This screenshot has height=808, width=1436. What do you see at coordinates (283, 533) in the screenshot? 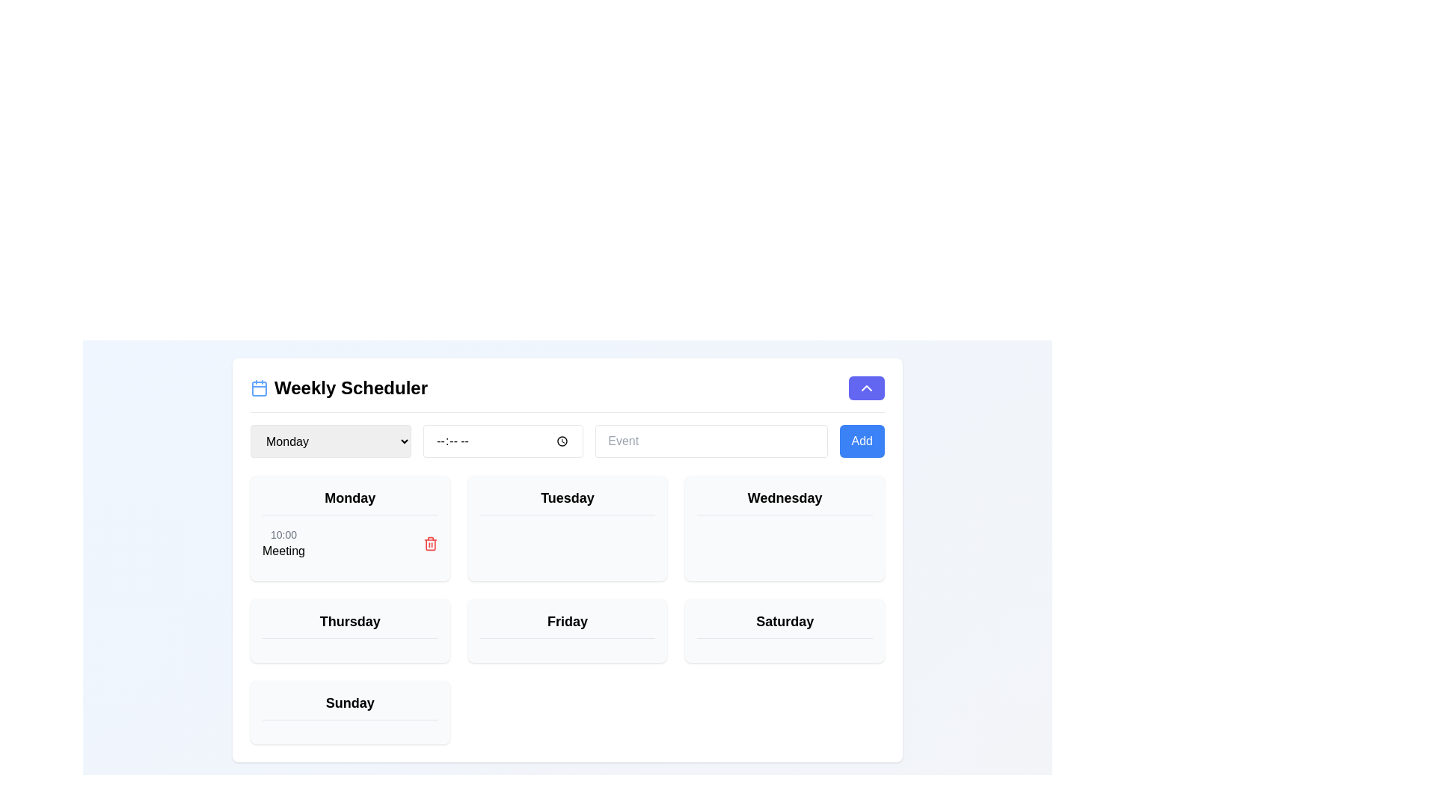
I see `time displayed in the Text label showing '10:00' at the top of the 'Monday' group` at bounding box center [283, 533].